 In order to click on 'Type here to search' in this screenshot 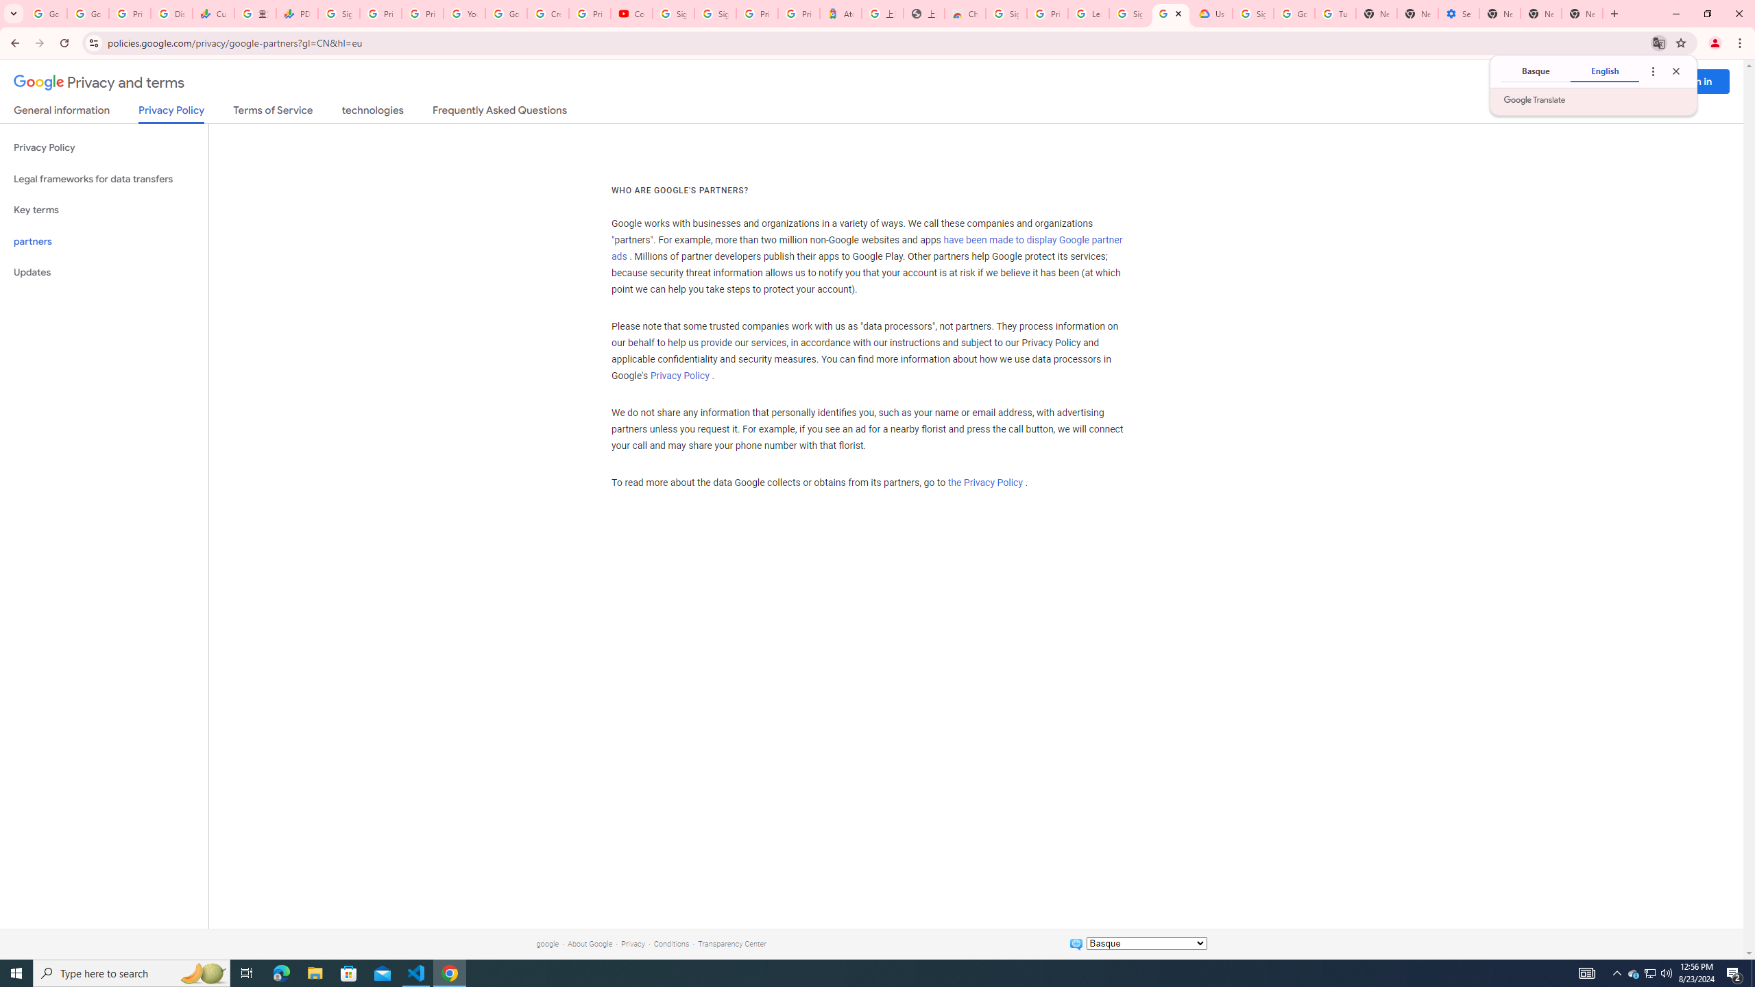, I will do `click(131, 972)`.